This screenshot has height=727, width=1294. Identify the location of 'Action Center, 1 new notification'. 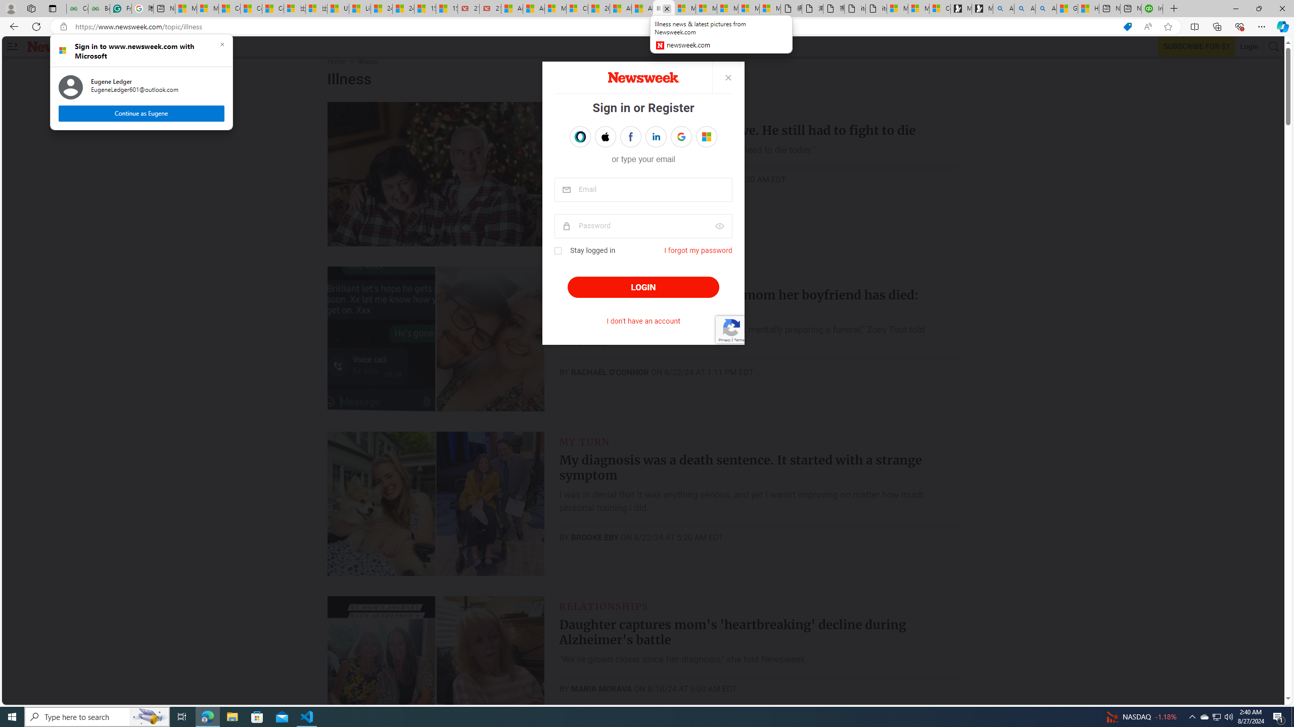
(1279, 716).